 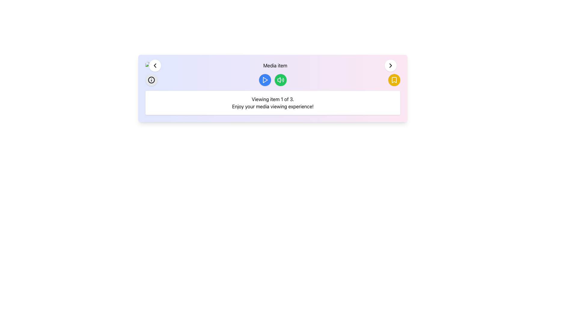 I want to click on the speaker button in the media control section to adjust audio settings, so click(x=272, y=80).